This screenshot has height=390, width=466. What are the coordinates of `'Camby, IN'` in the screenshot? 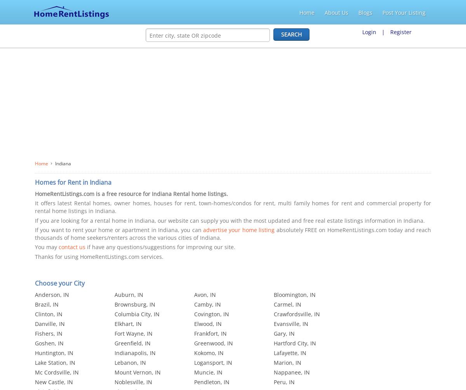 It's located at (207, 304).